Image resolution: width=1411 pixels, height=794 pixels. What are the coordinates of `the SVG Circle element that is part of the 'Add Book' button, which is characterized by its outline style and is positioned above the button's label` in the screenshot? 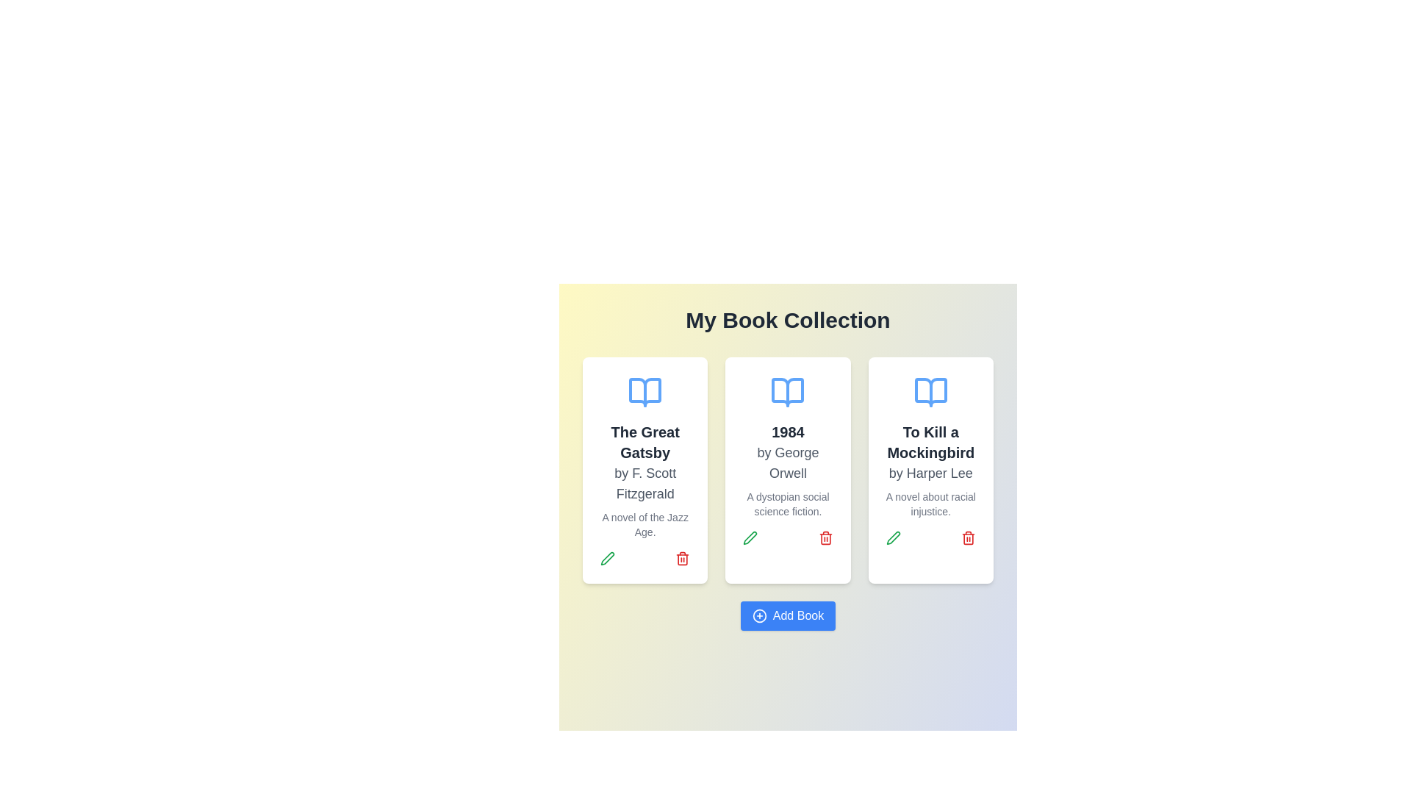 It's located at (759, 615).